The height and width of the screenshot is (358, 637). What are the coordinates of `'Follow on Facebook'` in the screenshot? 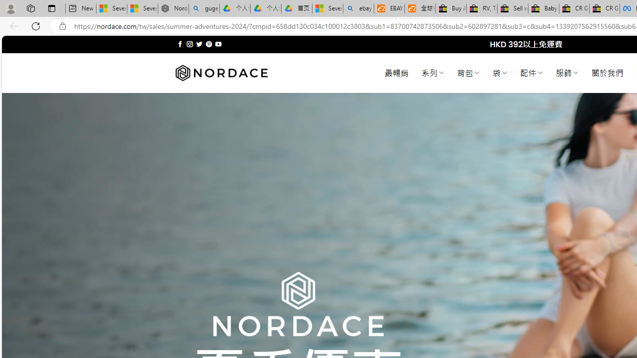 It's located at (180, 44).